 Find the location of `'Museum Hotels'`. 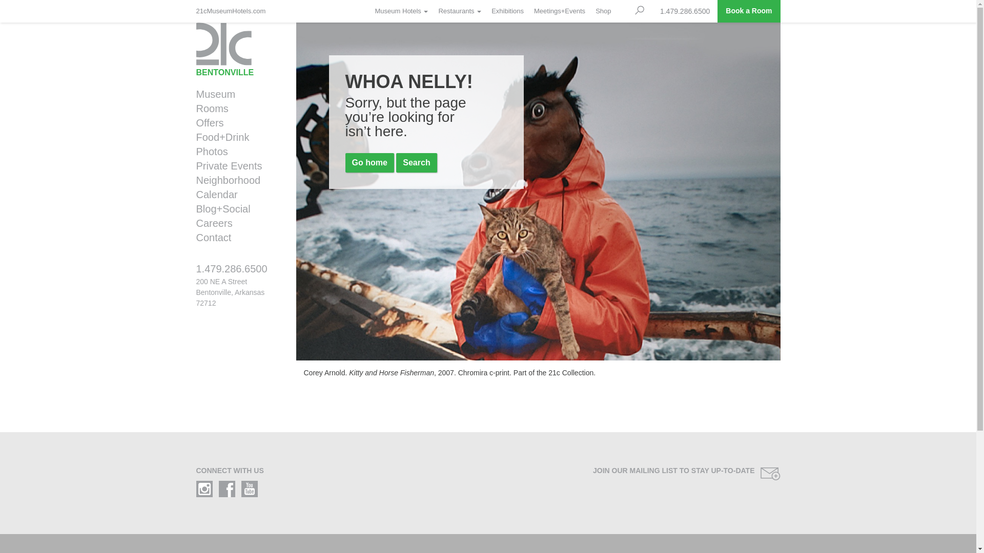

'Museum Hotels' is located at coordinates (369, 11).